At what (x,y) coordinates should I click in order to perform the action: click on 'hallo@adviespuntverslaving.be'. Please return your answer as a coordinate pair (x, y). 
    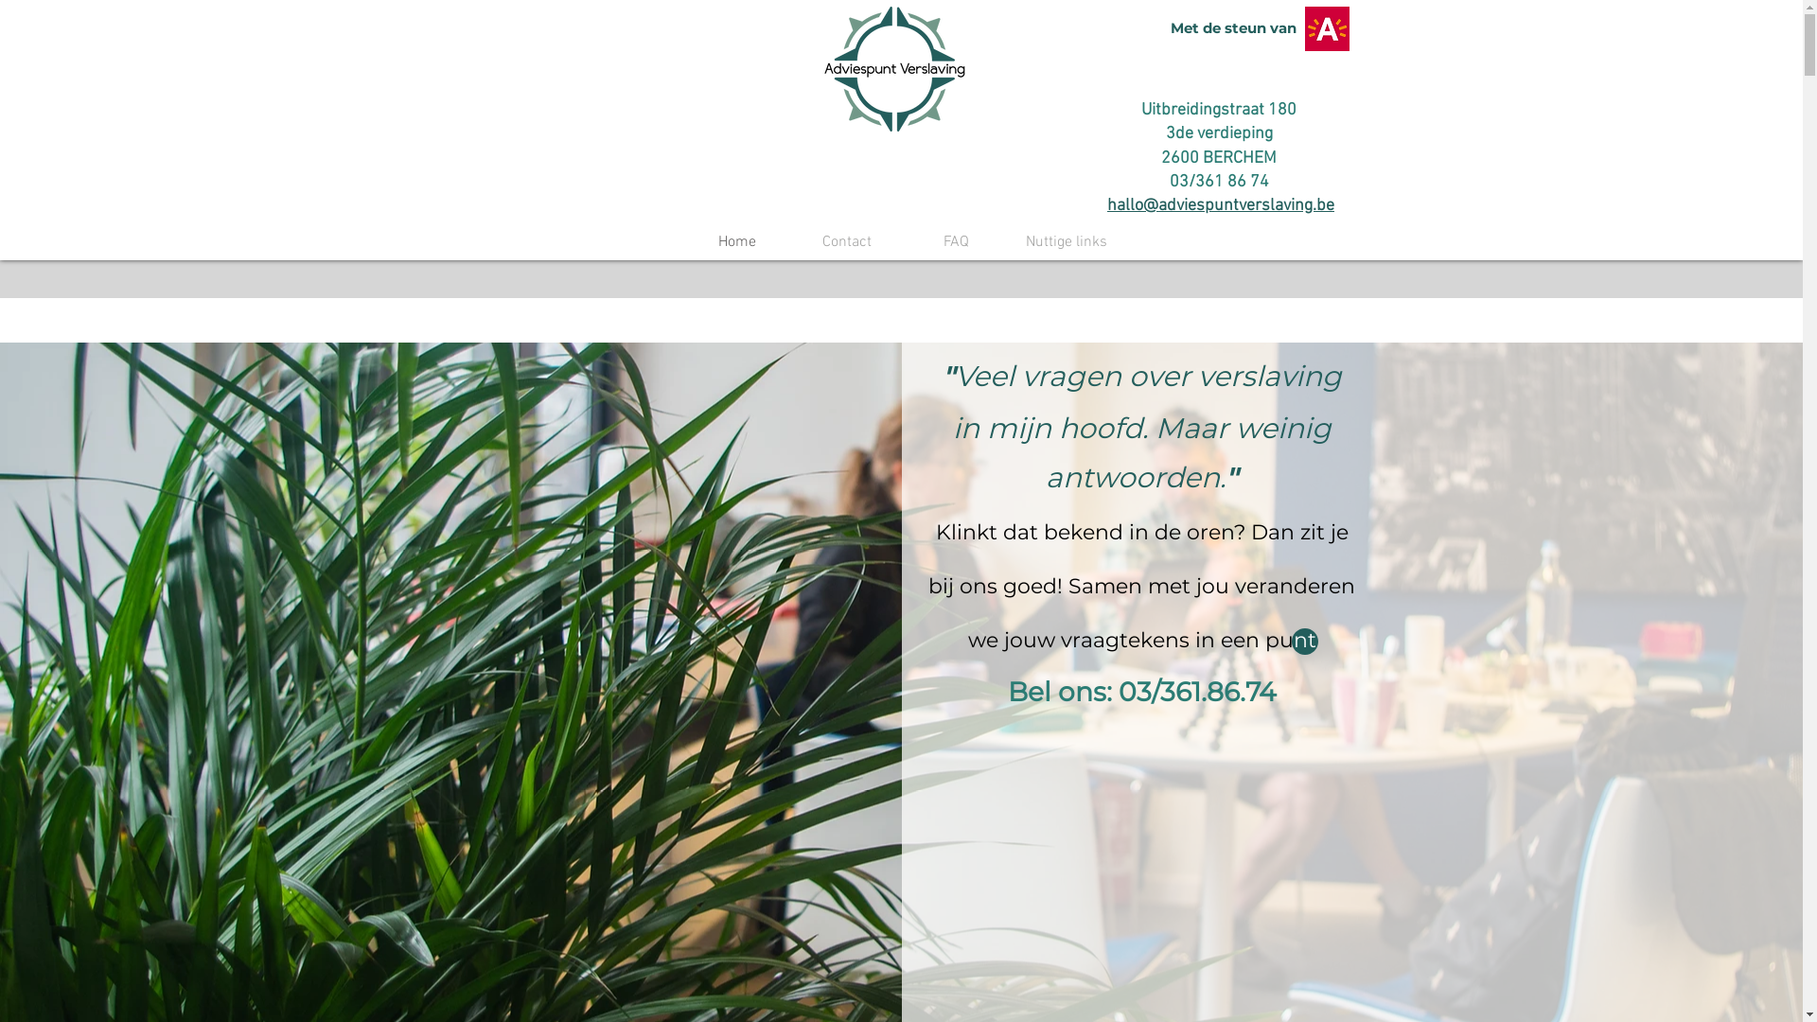
    Looking at the image, I should click on (1221, 205).